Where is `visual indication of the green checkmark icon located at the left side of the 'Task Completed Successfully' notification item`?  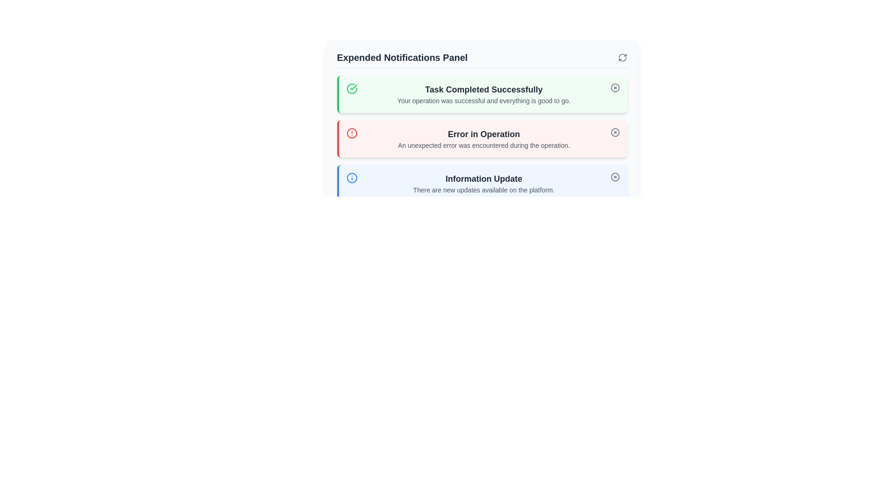 visual indication of the green checkmark icon located at the left side of the 'Task Completed Successfully' notification item is located at coordinates (353, 87).